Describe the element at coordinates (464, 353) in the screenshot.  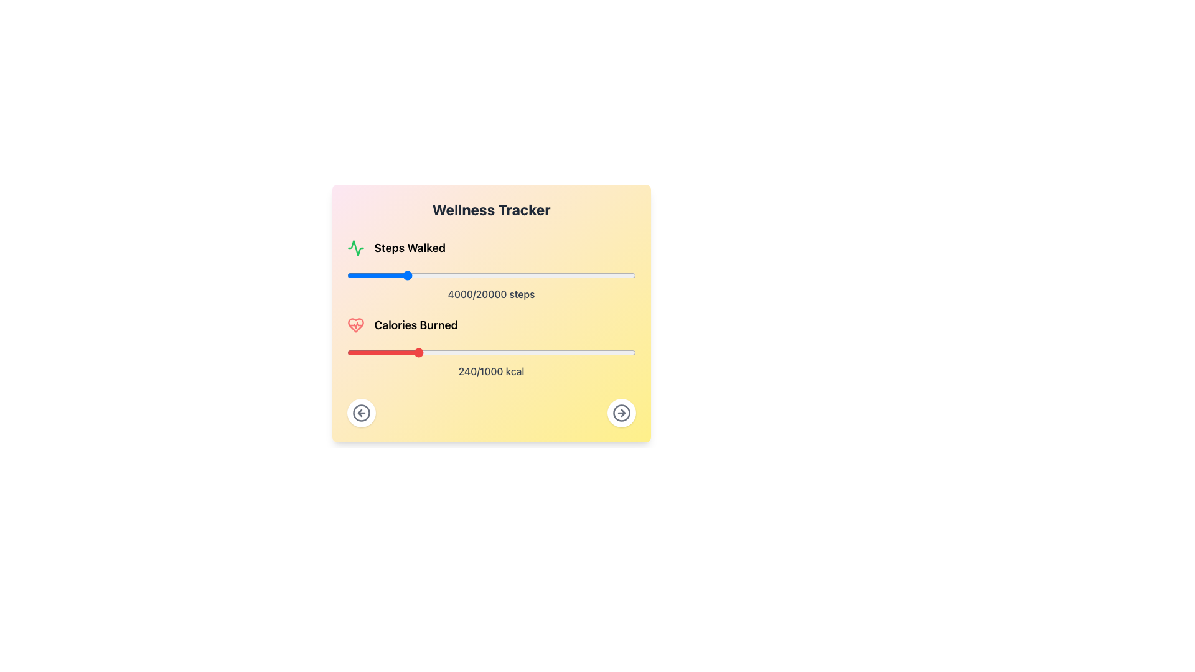
I see `calories burned slider` at that location.